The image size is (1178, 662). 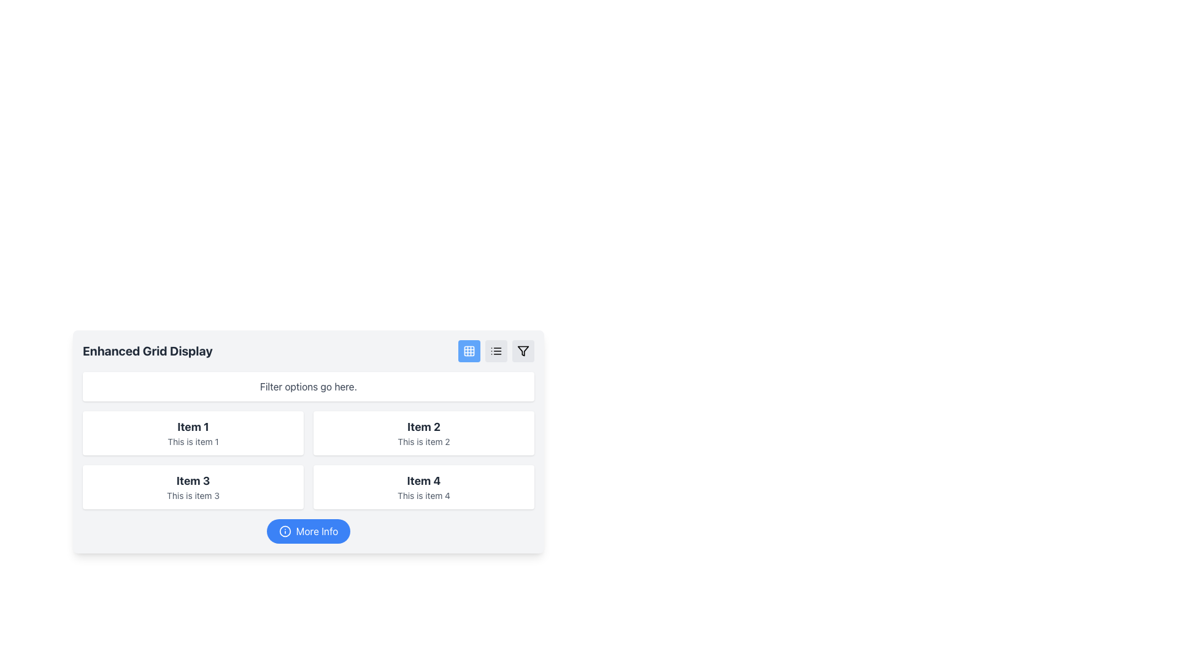 What do you see at coordinates (284, 531) in the screenshot?
I see `the circular informational icon with an 'i' symbol located to the left of the 'More Info' button` at bounding box center [284, 531].